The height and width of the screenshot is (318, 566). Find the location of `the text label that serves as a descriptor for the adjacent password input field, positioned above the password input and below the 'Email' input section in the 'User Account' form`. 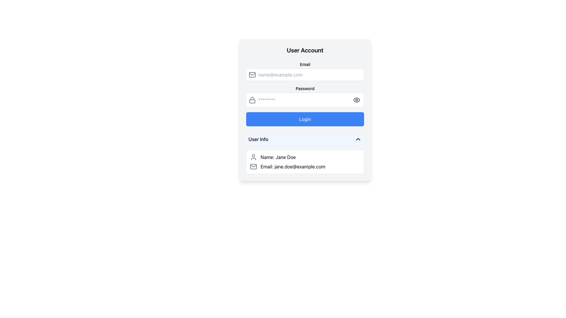

the text label that serves as a descriptor for the adjacent password input field, positioned above the password input and below the 'Email' input section in the 'User Account' form is located at coordinates (305, 88).